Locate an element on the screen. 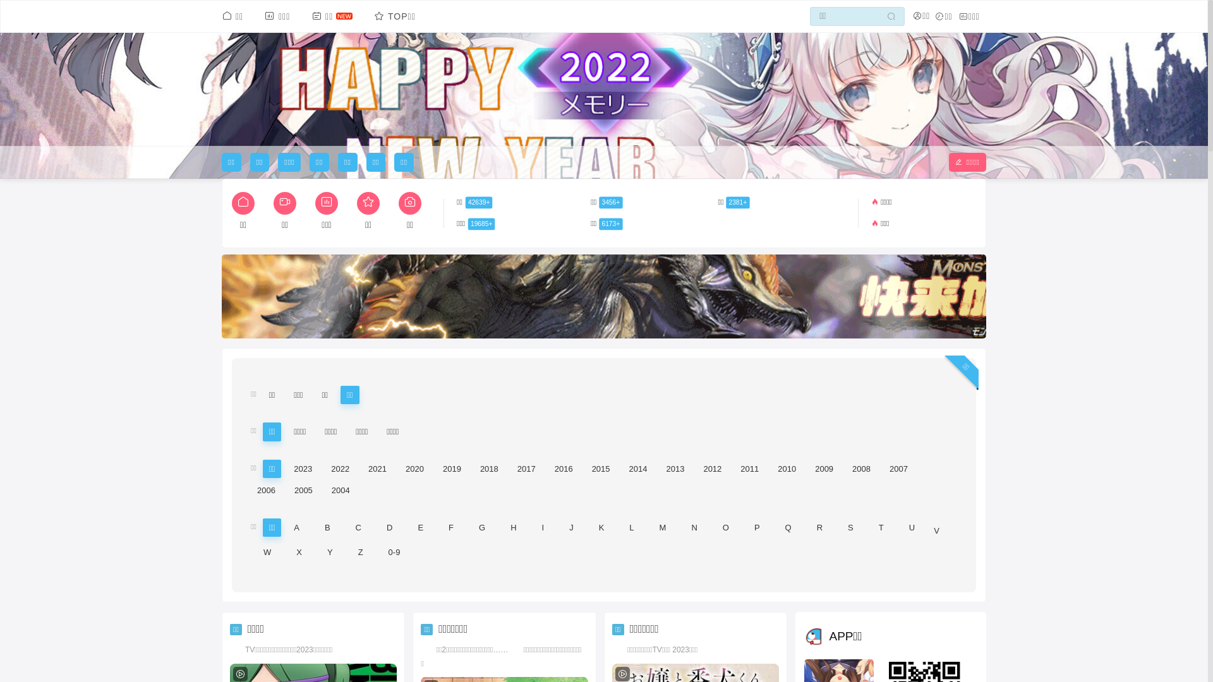 The width and height of the screenshot is (1213, 682). '2020' is located at coordinates (414, 469).